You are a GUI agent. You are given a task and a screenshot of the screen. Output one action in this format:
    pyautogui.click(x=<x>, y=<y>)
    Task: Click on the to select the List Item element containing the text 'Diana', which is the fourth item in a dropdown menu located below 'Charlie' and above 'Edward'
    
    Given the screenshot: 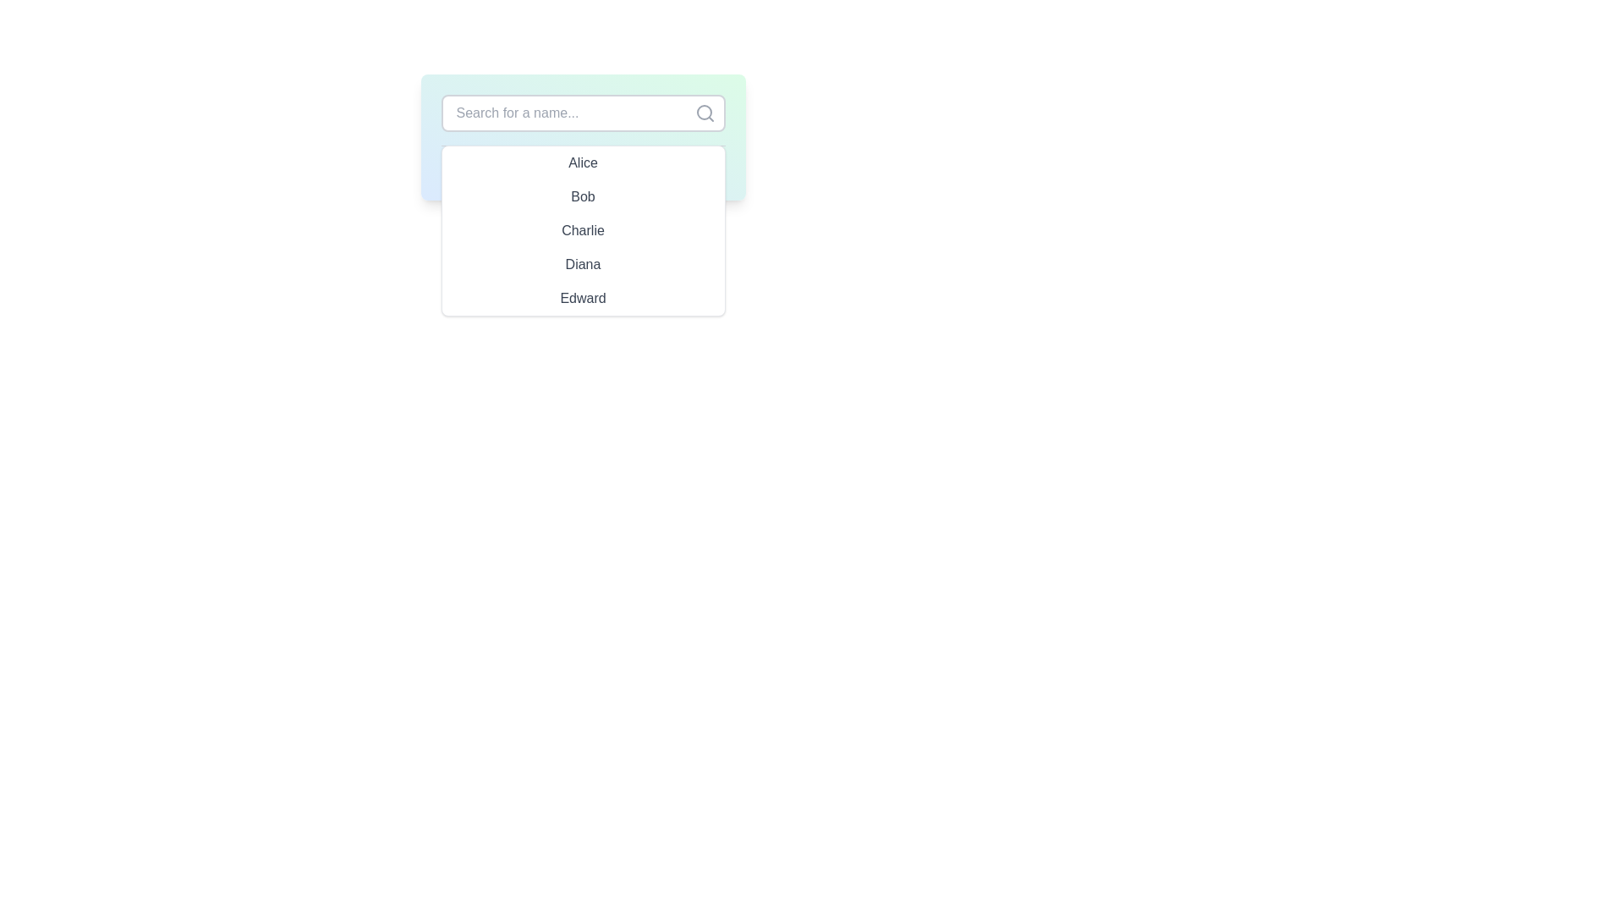 What is the action you would take?
    pyautogui.click(x=583, y=264)
    